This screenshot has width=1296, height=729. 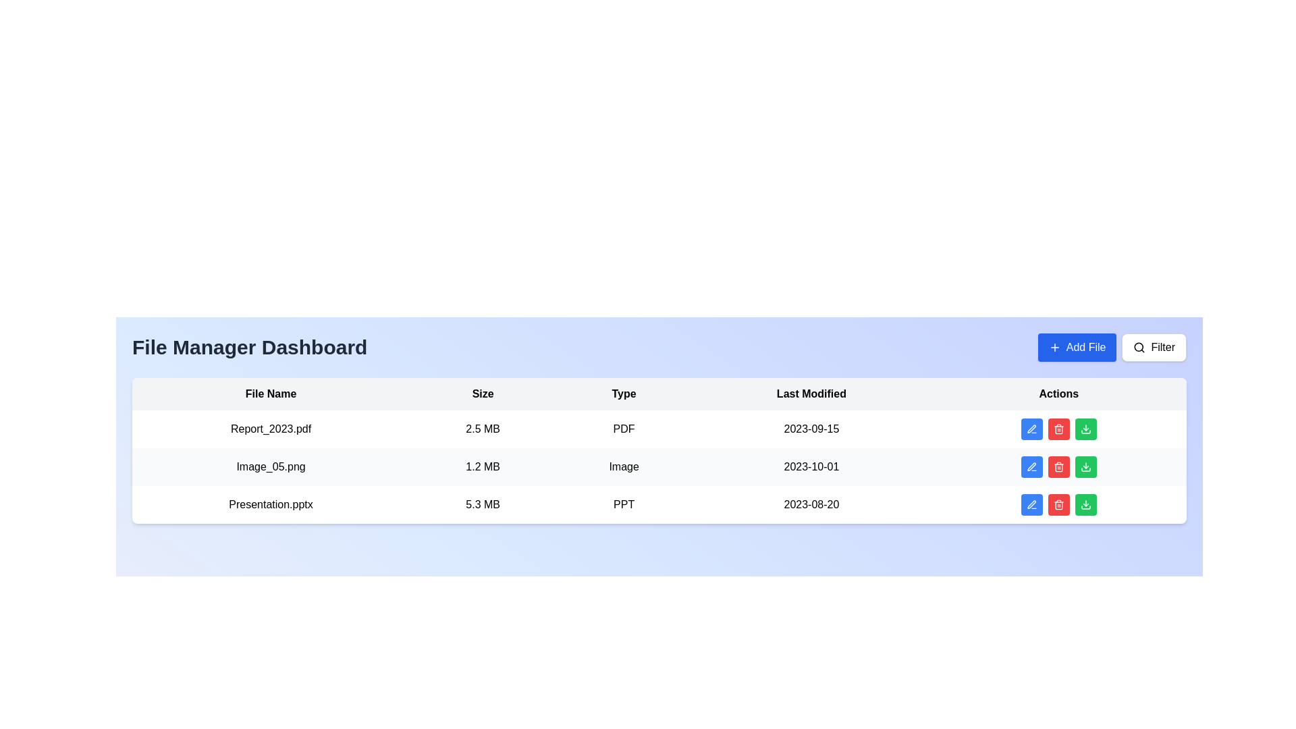 What do you see at coordinates (1085, 466) in the screenshot?
I see `the download button, which is the fourth button in the second row of action buttons in the data table, to initiate a file download` at bounding box center [1085, 466].